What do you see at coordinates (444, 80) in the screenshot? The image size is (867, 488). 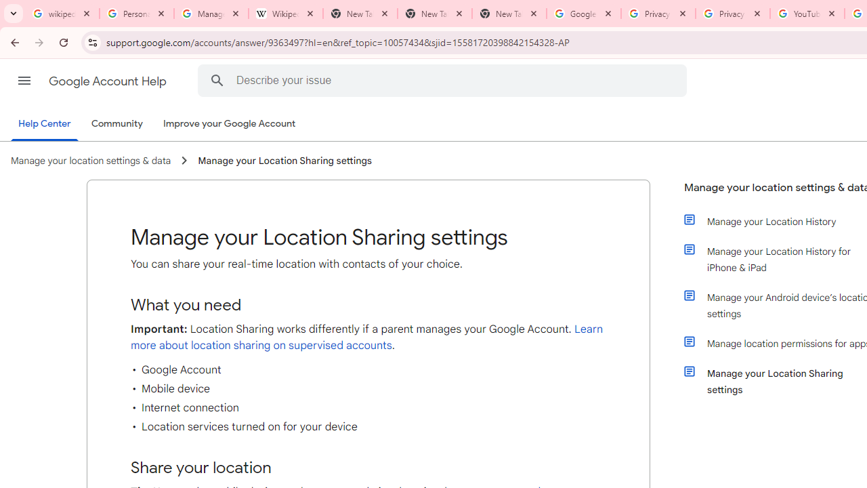 I see `'Describe your issue'` at bounding box center [444, 80].